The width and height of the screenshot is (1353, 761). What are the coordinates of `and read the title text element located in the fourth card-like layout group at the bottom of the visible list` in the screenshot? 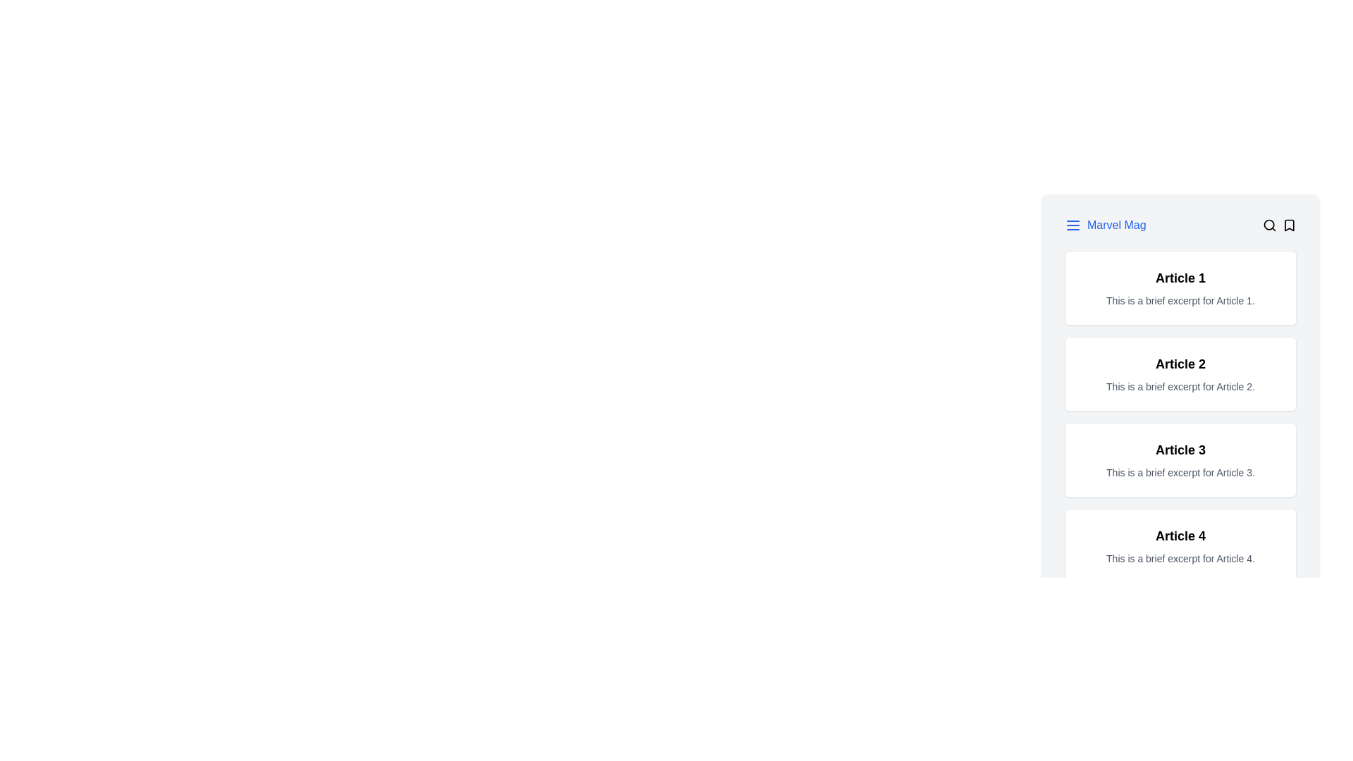 It's located at (1180, 536).